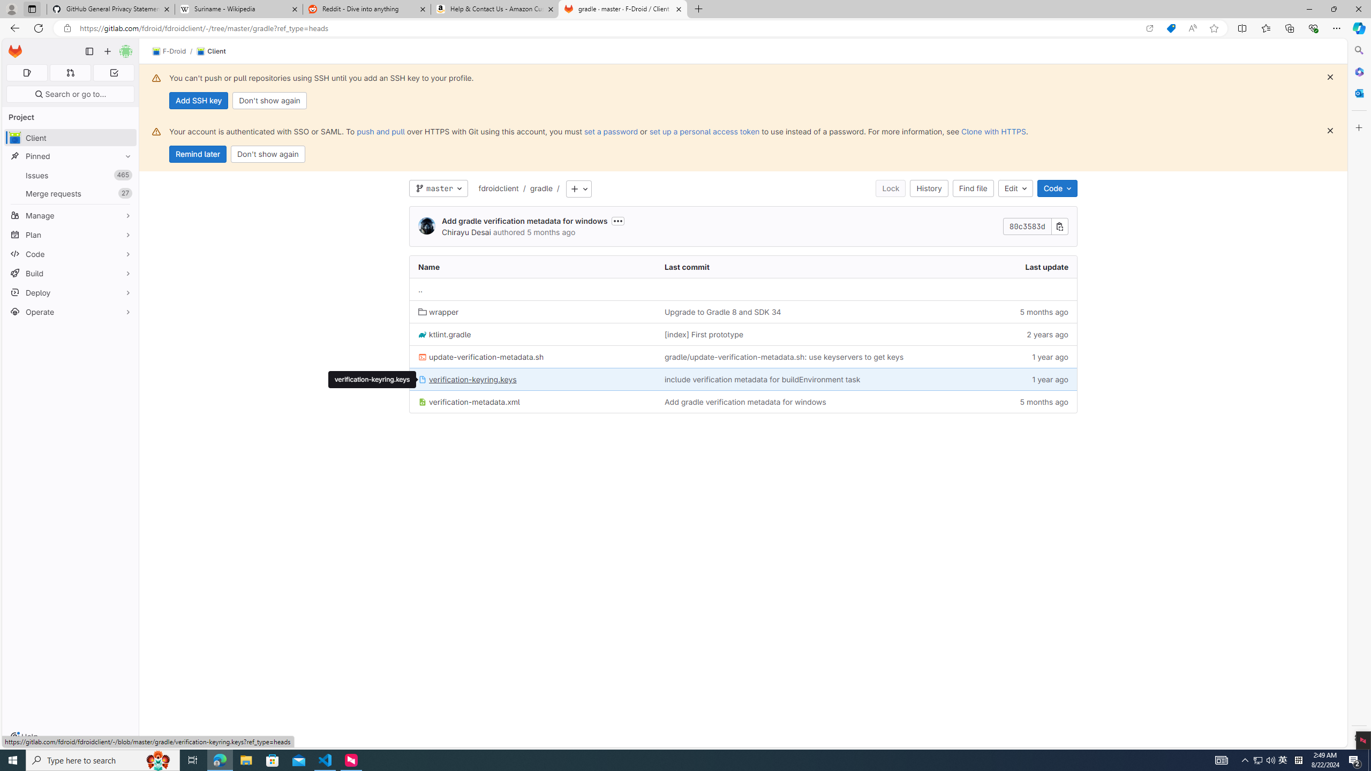  Describe the element at coordinates (211, 51) in the screenshot. I see `'Client'` at that location.